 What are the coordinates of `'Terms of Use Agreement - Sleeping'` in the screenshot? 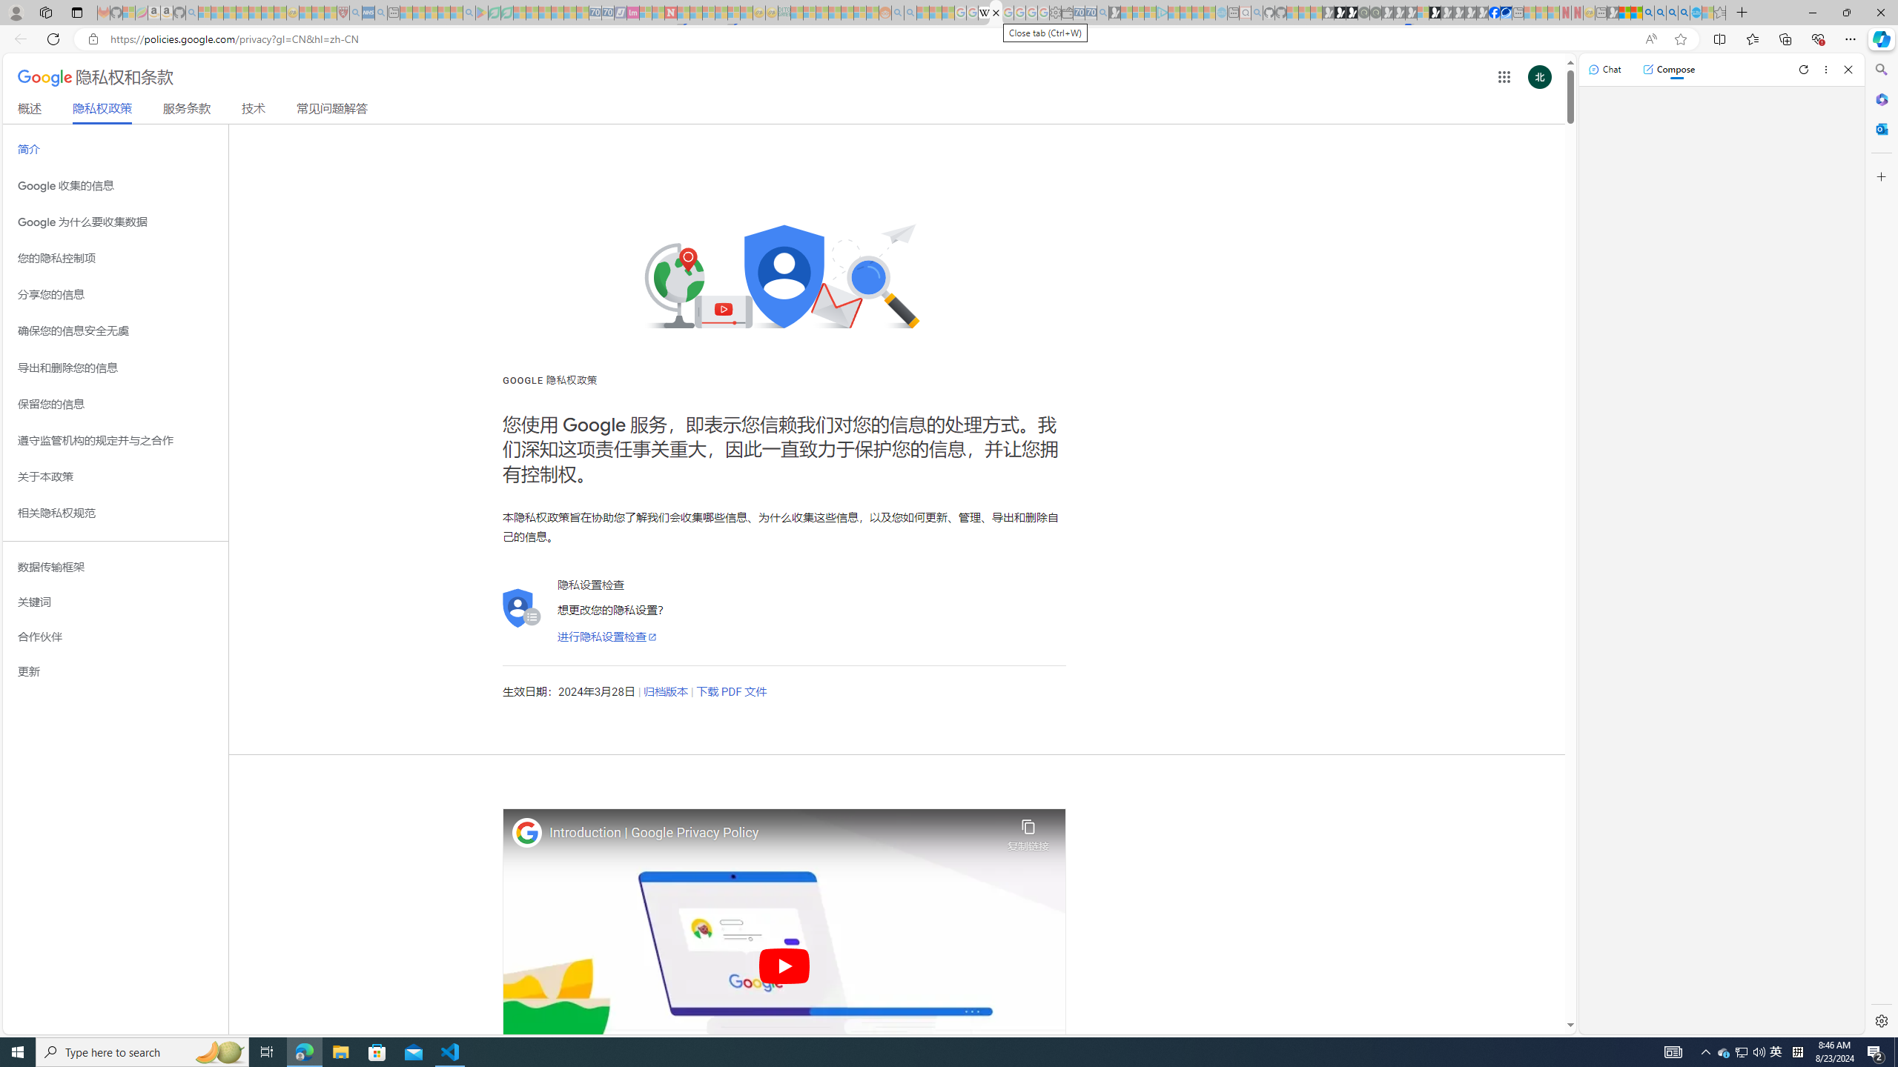 It's located at (493, 12).